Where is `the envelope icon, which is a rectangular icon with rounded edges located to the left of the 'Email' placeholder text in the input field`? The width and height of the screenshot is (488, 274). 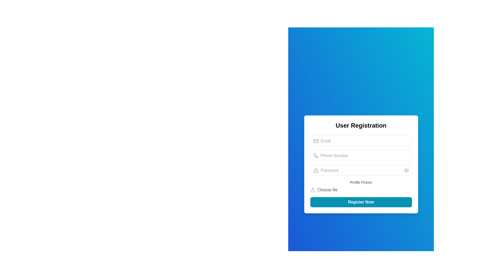
the envelope icon, which is a rectangular icon with rounded edges located to the left of the 'Email' placeholder text in the input field is located at coordinates (315, 141).